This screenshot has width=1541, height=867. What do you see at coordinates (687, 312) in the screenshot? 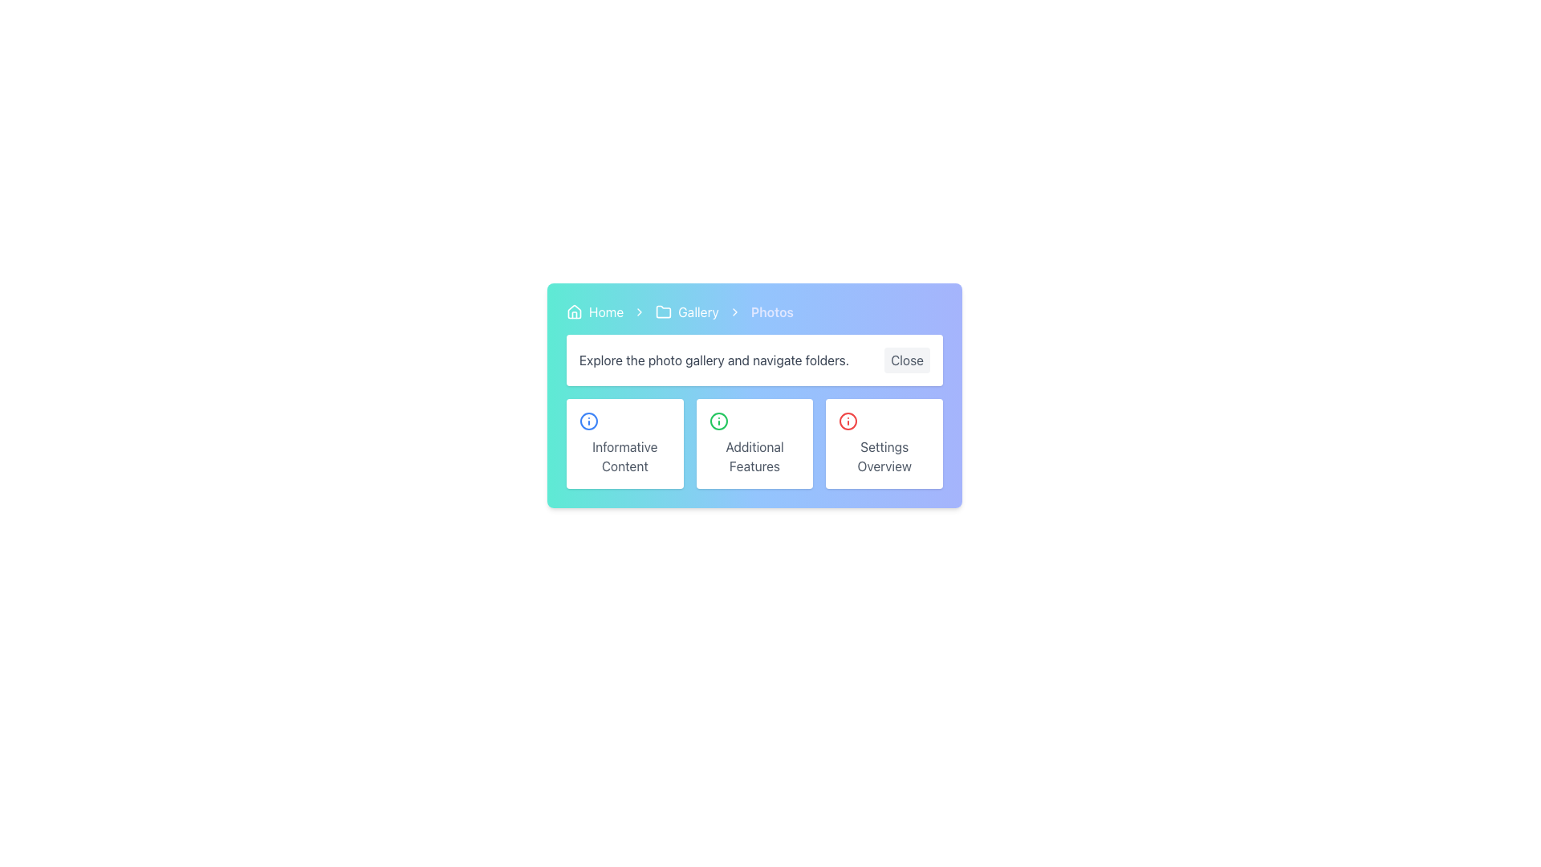
I see `the 'Gallery' interactive link with the adjacent folder icon in the breadcrumb navigation bar` at bounding box center [687, 312].